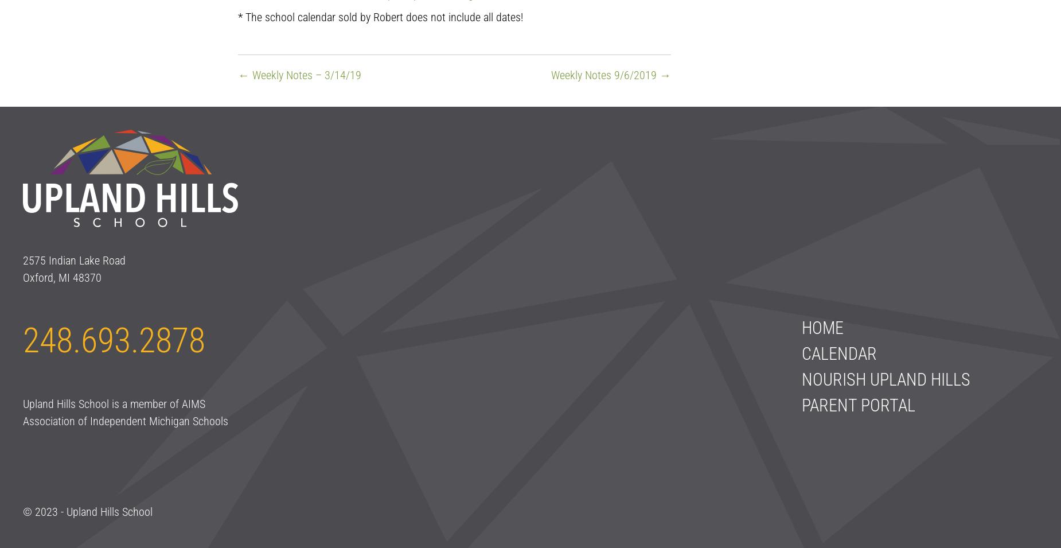 The image size is (1061, 548). What do you see at coordinates (61, 277) in the screenshot?
I see `'Oxford, MI 48370'` at bounding box center [61, 277].